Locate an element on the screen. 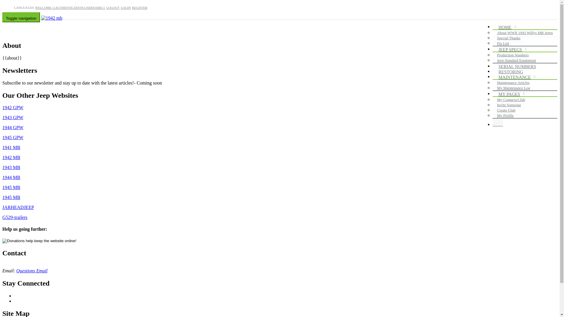 The image size is (564, 317). 'Jeep Standard Equipment' is located at coordinates (516, 60).